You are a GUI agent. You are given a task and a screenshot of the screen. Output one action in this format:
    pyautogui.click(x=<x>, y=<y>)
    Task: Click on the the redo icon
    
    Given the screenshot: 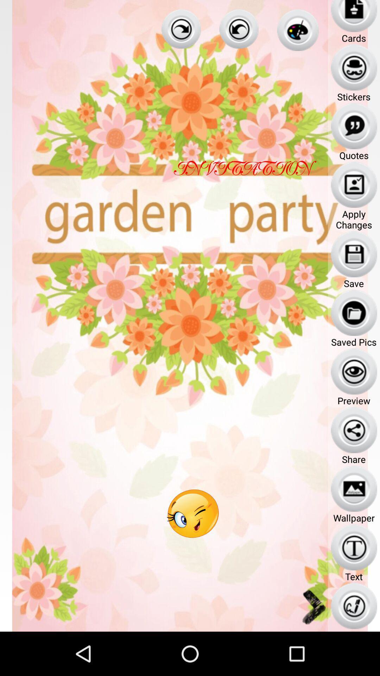 What is the action you would take?
    pyautogui.click(x=180, y=30)
    